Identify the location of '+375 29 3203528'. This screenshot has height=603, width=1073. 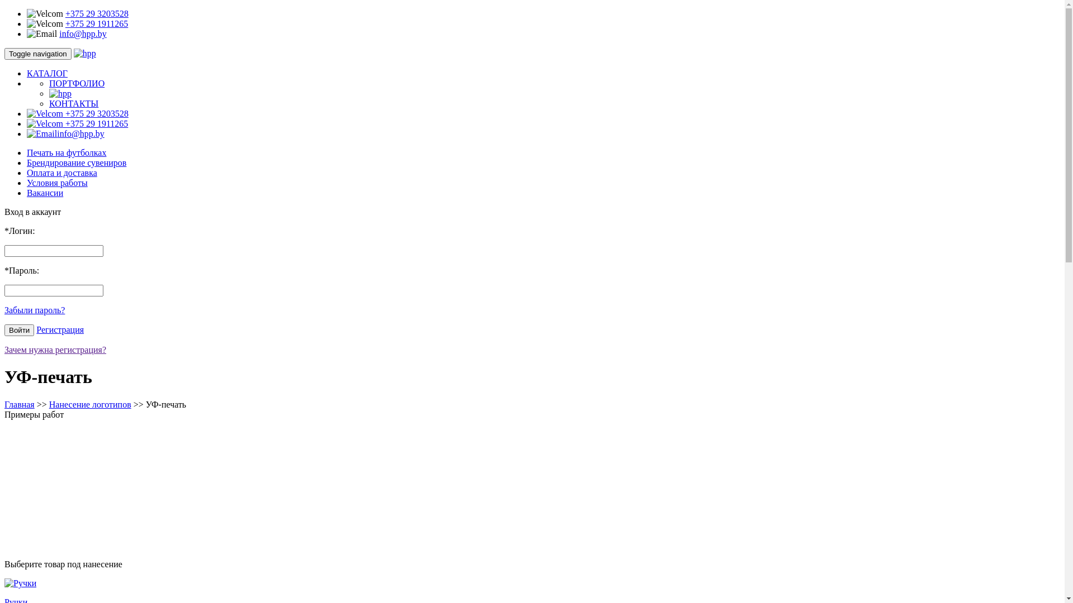
(97, 13).